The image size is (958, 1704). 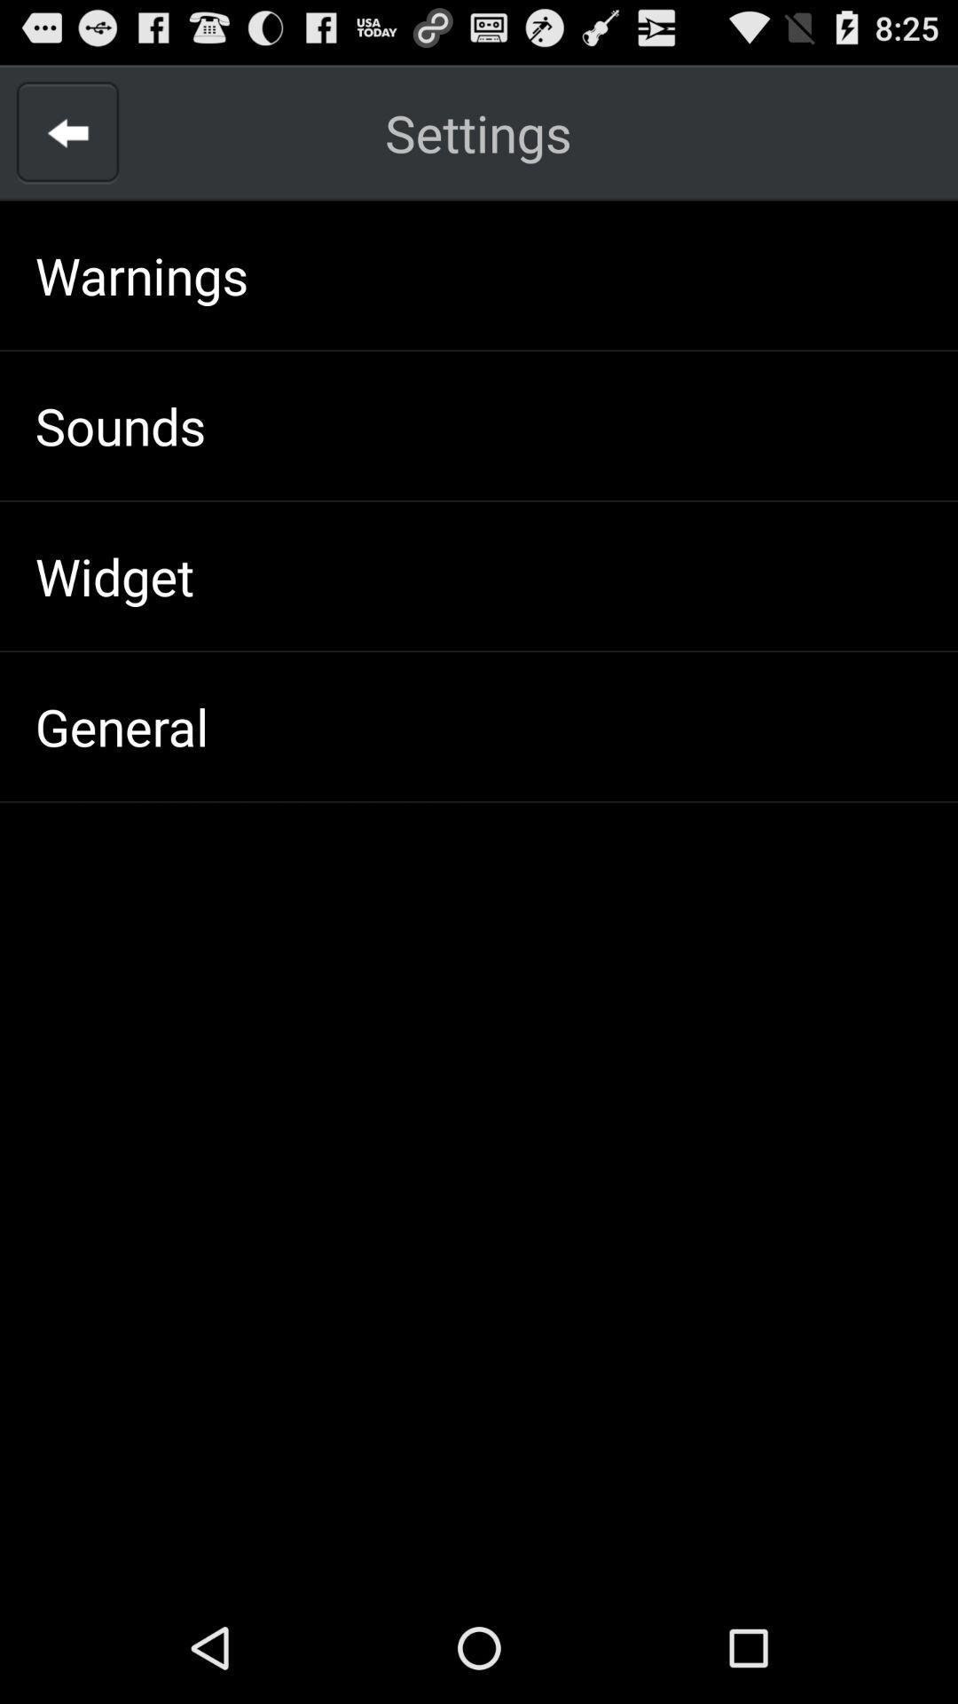 I want to click on the warnings item, so click(x=141, y=274).